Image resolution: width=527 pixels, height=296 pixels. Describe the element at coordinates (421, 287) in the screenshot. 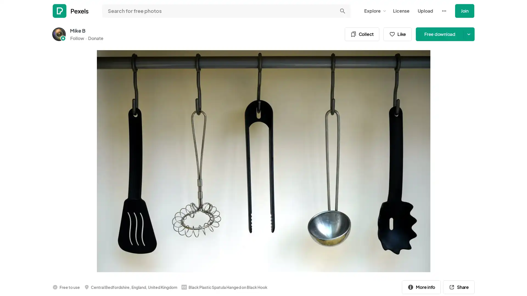

I see `More info` at that location.